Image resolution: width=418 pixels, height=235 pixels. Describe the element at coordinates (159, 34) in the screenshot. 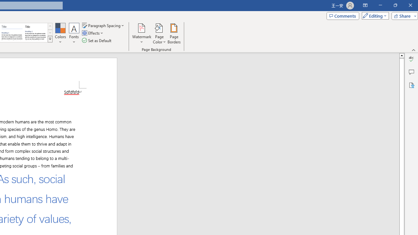

I see `'Page Color'` at that location.